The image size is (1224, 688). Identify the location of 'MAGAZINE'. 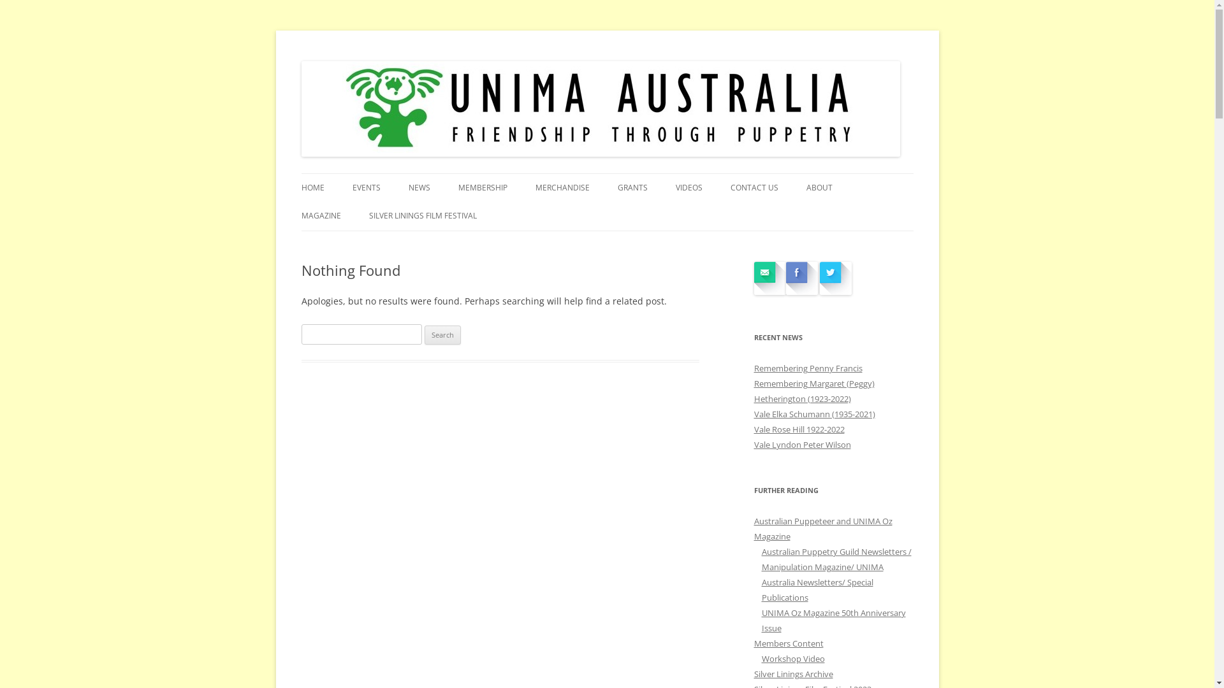
(321, 215).